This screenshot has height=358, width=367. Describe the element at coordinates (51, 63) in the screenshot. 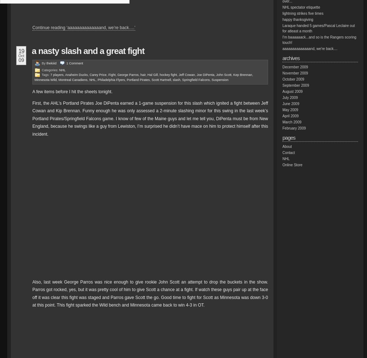

I see `'thekiiid'` at that location.